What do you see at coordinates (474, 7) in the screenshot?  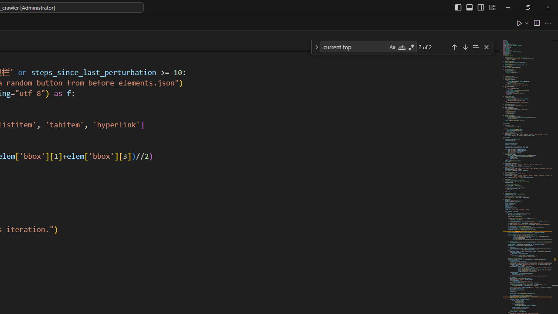 I see `'Title actions'` at bounding box center [474, 7].